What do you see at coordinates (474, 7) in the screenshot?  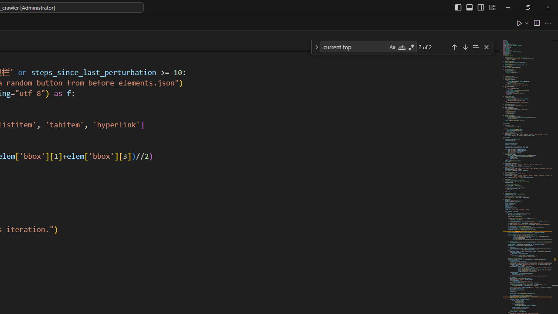 I see `'Title actions'` at bounding box center [474, 7].